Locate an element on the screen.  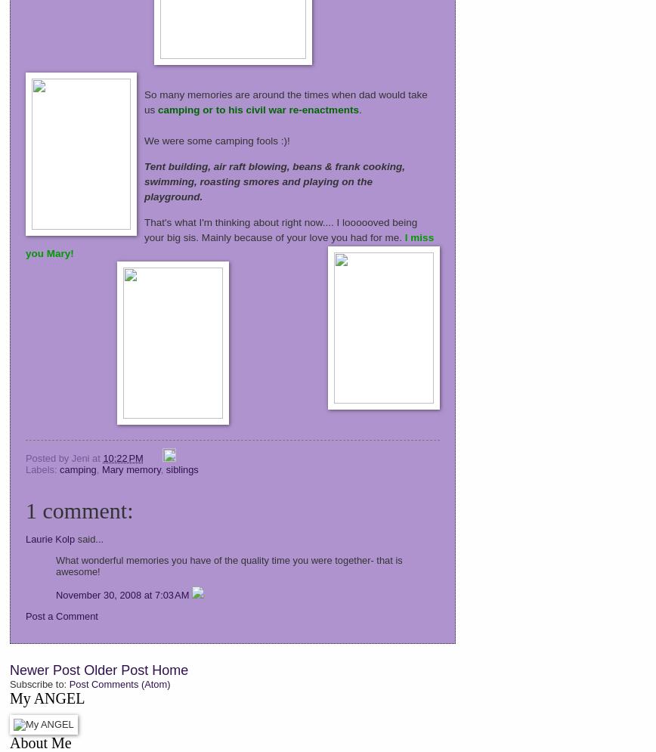
'What wonderful memories you have of the quality time you were together- that is awesome!' is located at coordinates (229, 565).